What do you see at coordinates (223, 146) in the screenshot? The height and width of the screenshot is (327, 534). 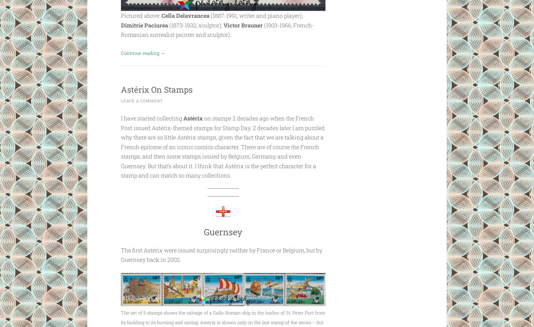 I see `'on stamps 2 decades ago when the French Post issued Astérix-themed stamps for Stamp Day. 2 decades later I am puzzled why there are so little Astérix stamps, given the fact that we are talking about a French epitome of an iconic comics character. There are of course the French stamps, and then some stamps issued by Belgium, Germany, and even Guernsey. But that’s about it. I think that Astérix is the perfect character for a stamp and can match so many collections.'` at bounding box center [223, 146].